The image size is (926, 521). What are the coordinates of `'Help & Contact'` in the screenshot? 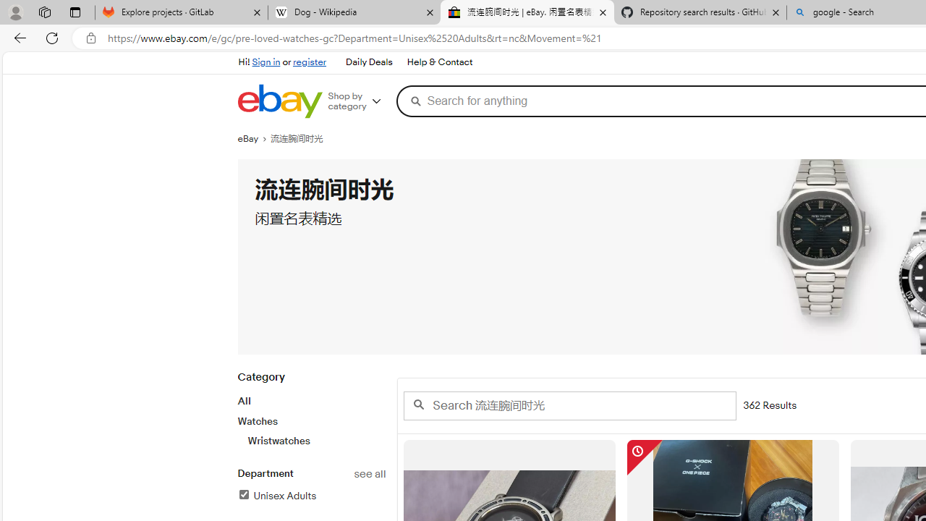 It's located at (439, 62).